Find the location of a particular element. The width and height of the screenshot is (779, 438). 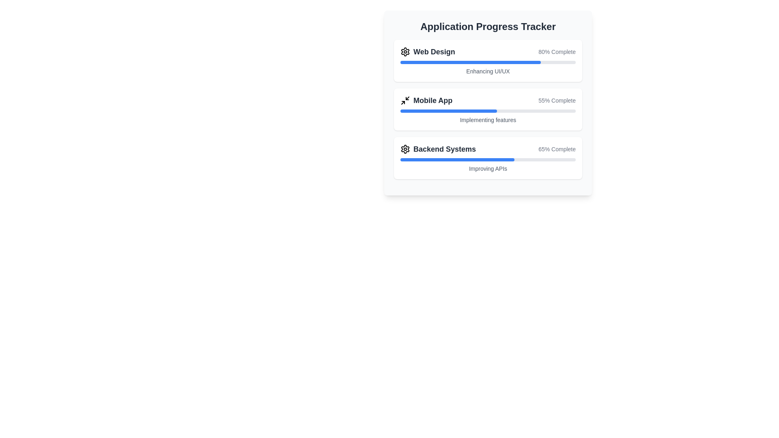

the progress bar indicating the completion of the Web Design task, which is visually represented beneath the 'Web Design' heading and above the 'Enhancing UI/UX' text label is located at coordinates (488, 62).